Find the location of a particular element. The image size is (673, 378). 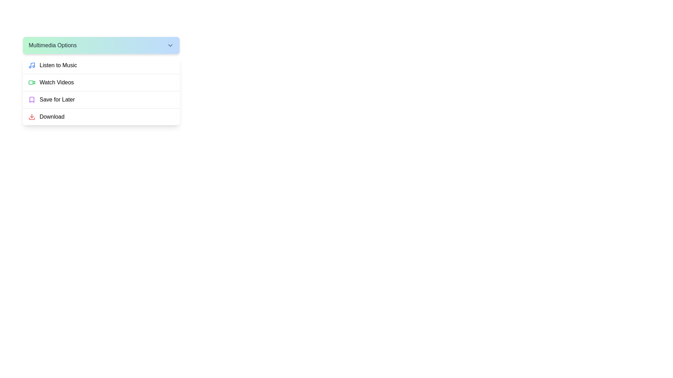

the bookmark-shaped icon filled with a purple hue associated with the 'Save for Later' option in the dropdown menu under 'Multimedia Options' is located at coordinates (32, 100).